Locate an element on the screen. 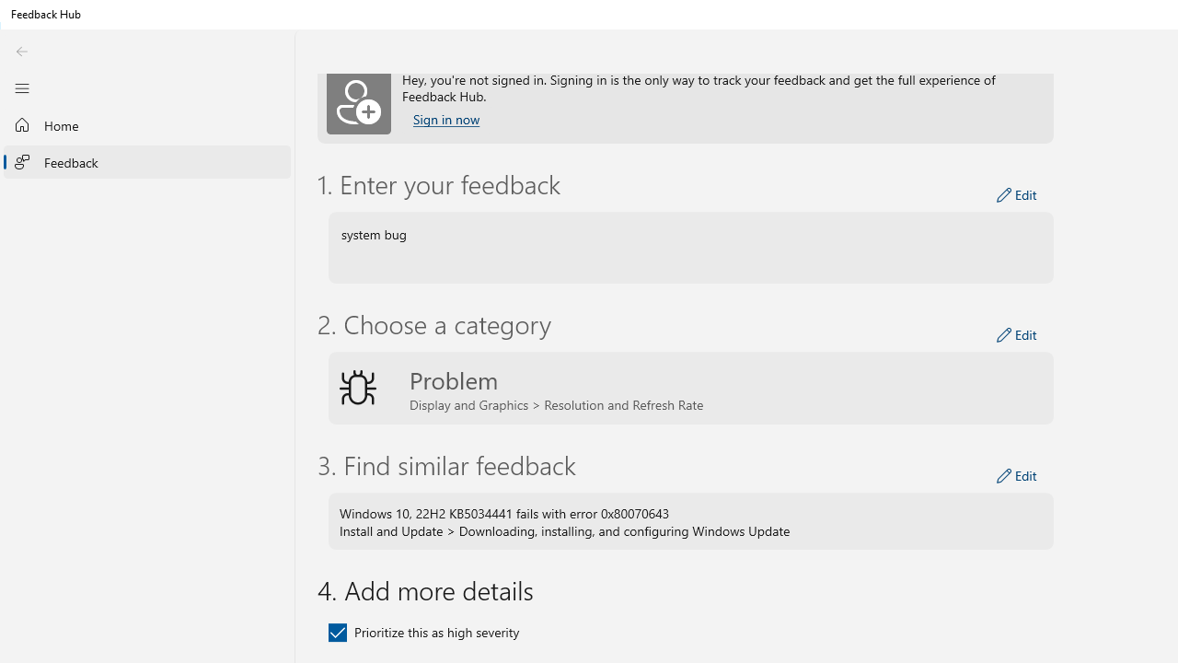 The width and height of the screenshot is (1178, 663). 'Sign in now' is located at coordinates (446, 119).